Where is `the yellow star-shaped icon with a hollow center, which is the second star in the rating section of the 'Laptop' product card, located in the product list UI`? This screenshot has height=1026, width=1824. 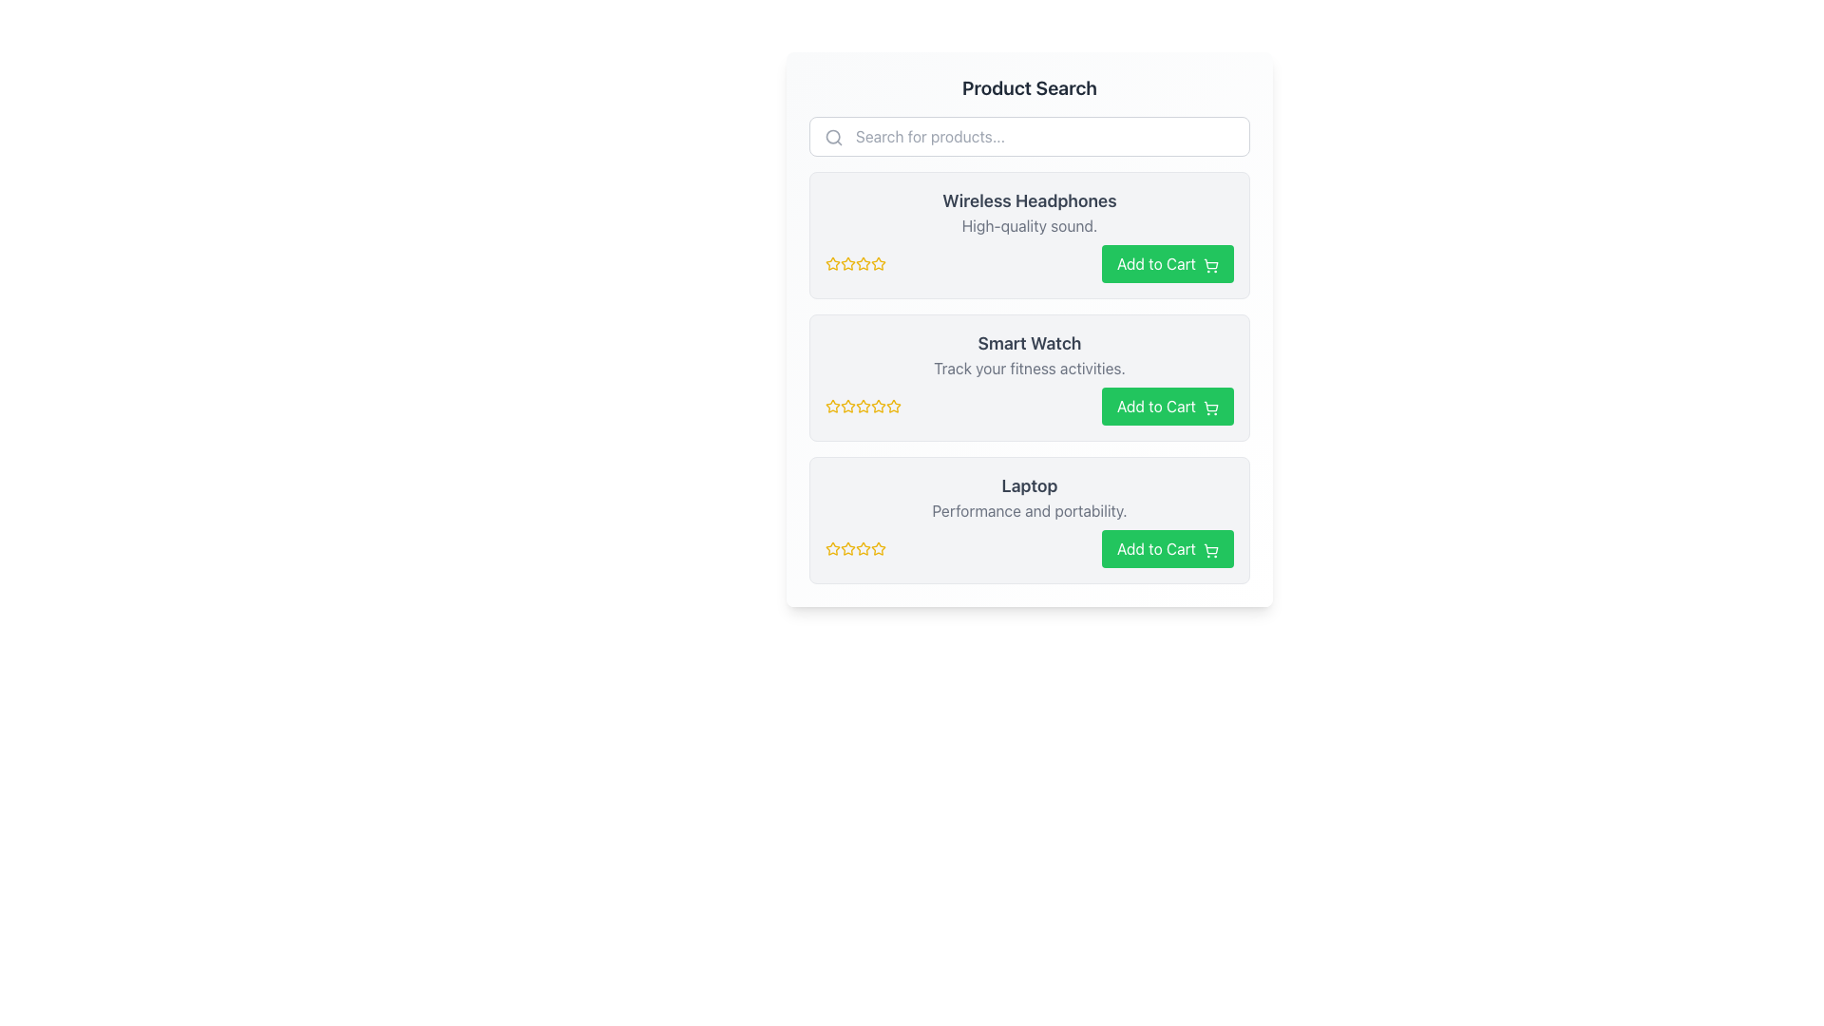
the yellow star-shaped icon with a hollow center, which is the second star in the rating section of the 'Laptop' product card, located in the product list UI is located at coordinates (862, 548).